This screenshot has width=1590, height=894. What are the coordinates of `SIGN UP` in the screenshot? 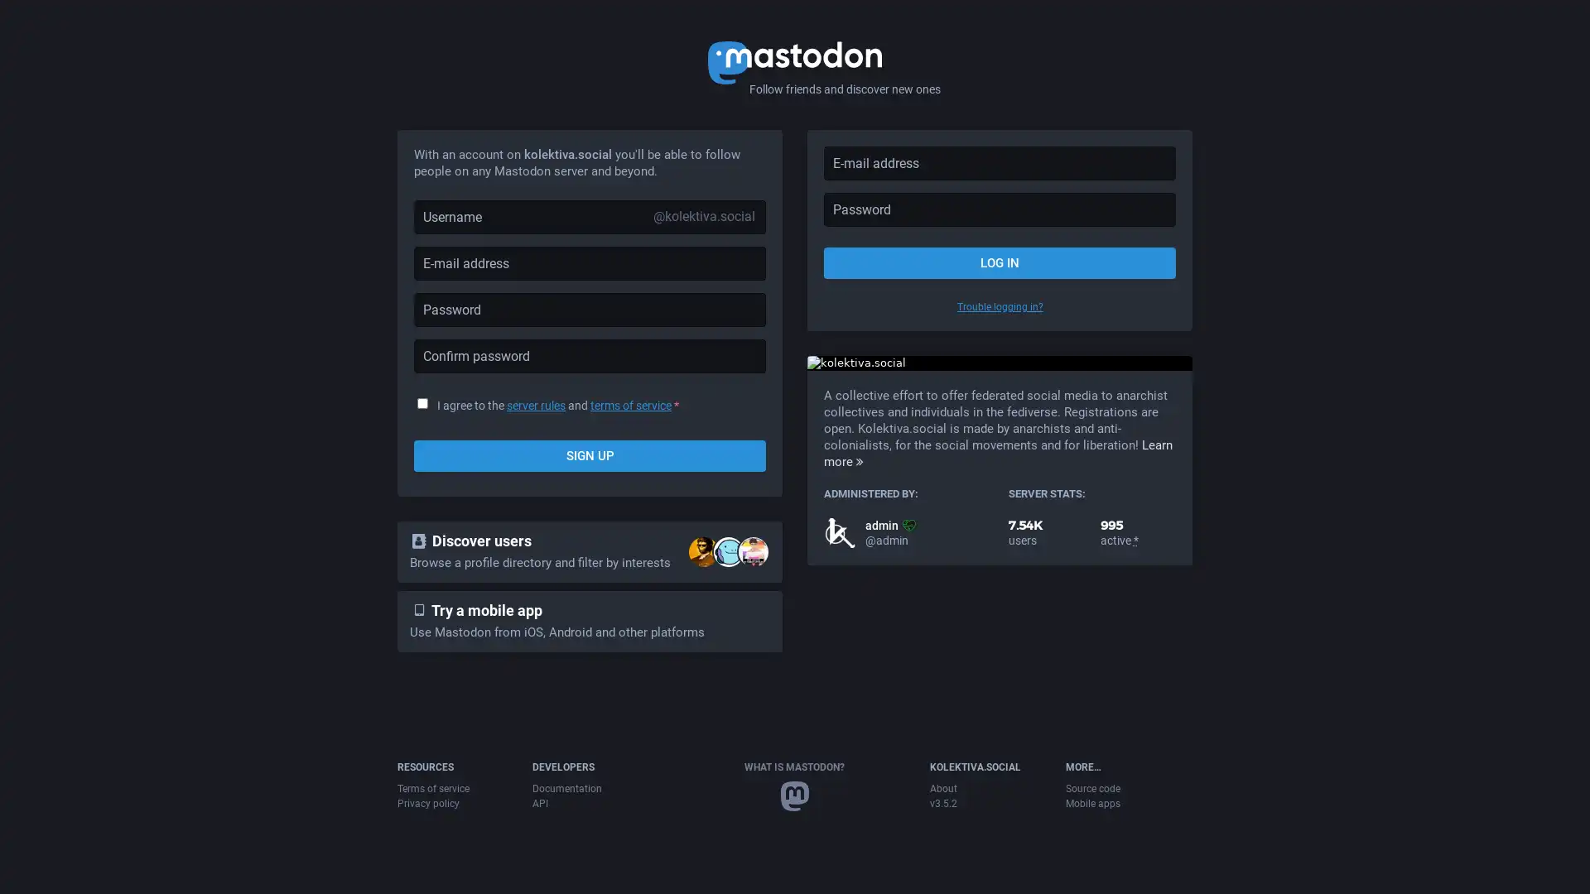 It's located at (590, 456).